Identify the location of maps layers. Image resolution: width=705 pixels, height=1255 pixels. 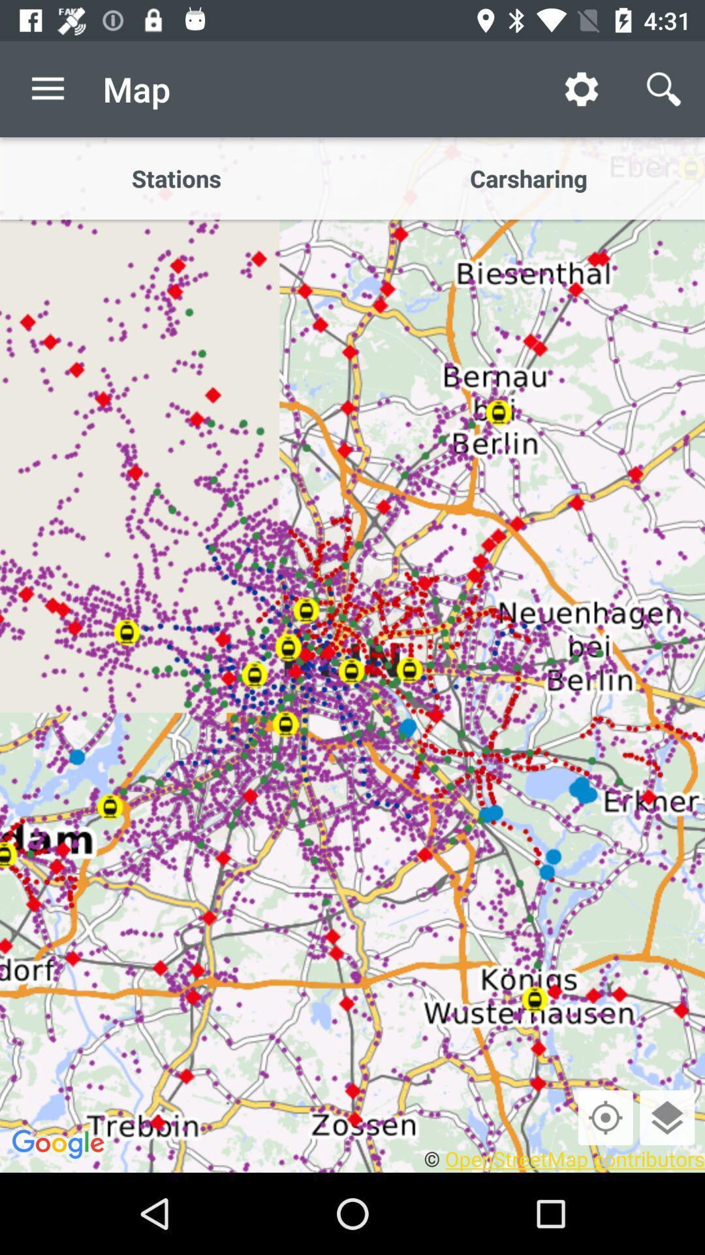
(667, 1116).